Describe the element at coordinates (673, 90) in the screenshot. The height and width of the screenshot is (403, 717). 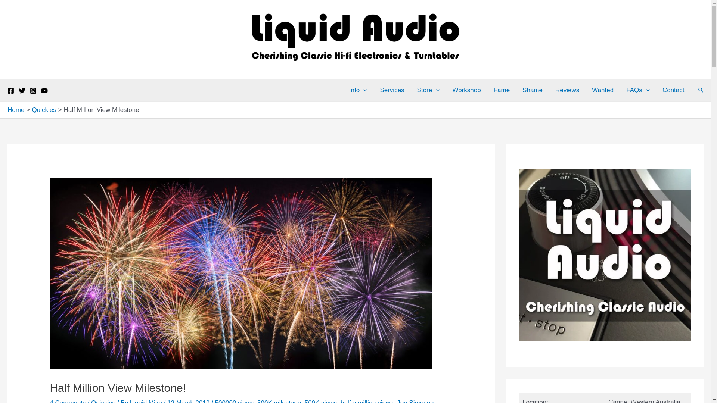
I see `'Contact'` at that location.